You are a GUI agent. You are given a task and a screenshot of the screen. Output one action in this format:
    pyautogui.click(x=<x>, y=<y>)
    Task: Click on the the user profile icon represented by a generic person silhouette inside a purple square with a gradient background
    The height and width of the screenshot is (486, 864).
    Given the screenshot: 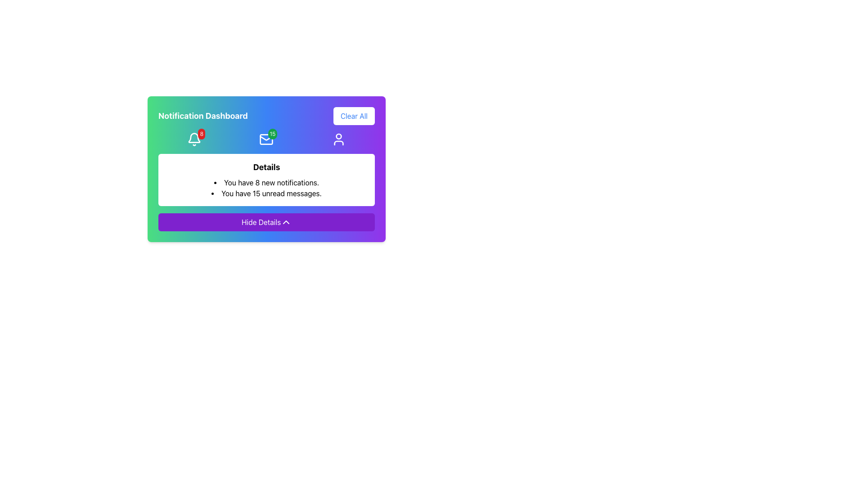 What is the action you would take?
    pyautogui.click(x=338, y=139)
    